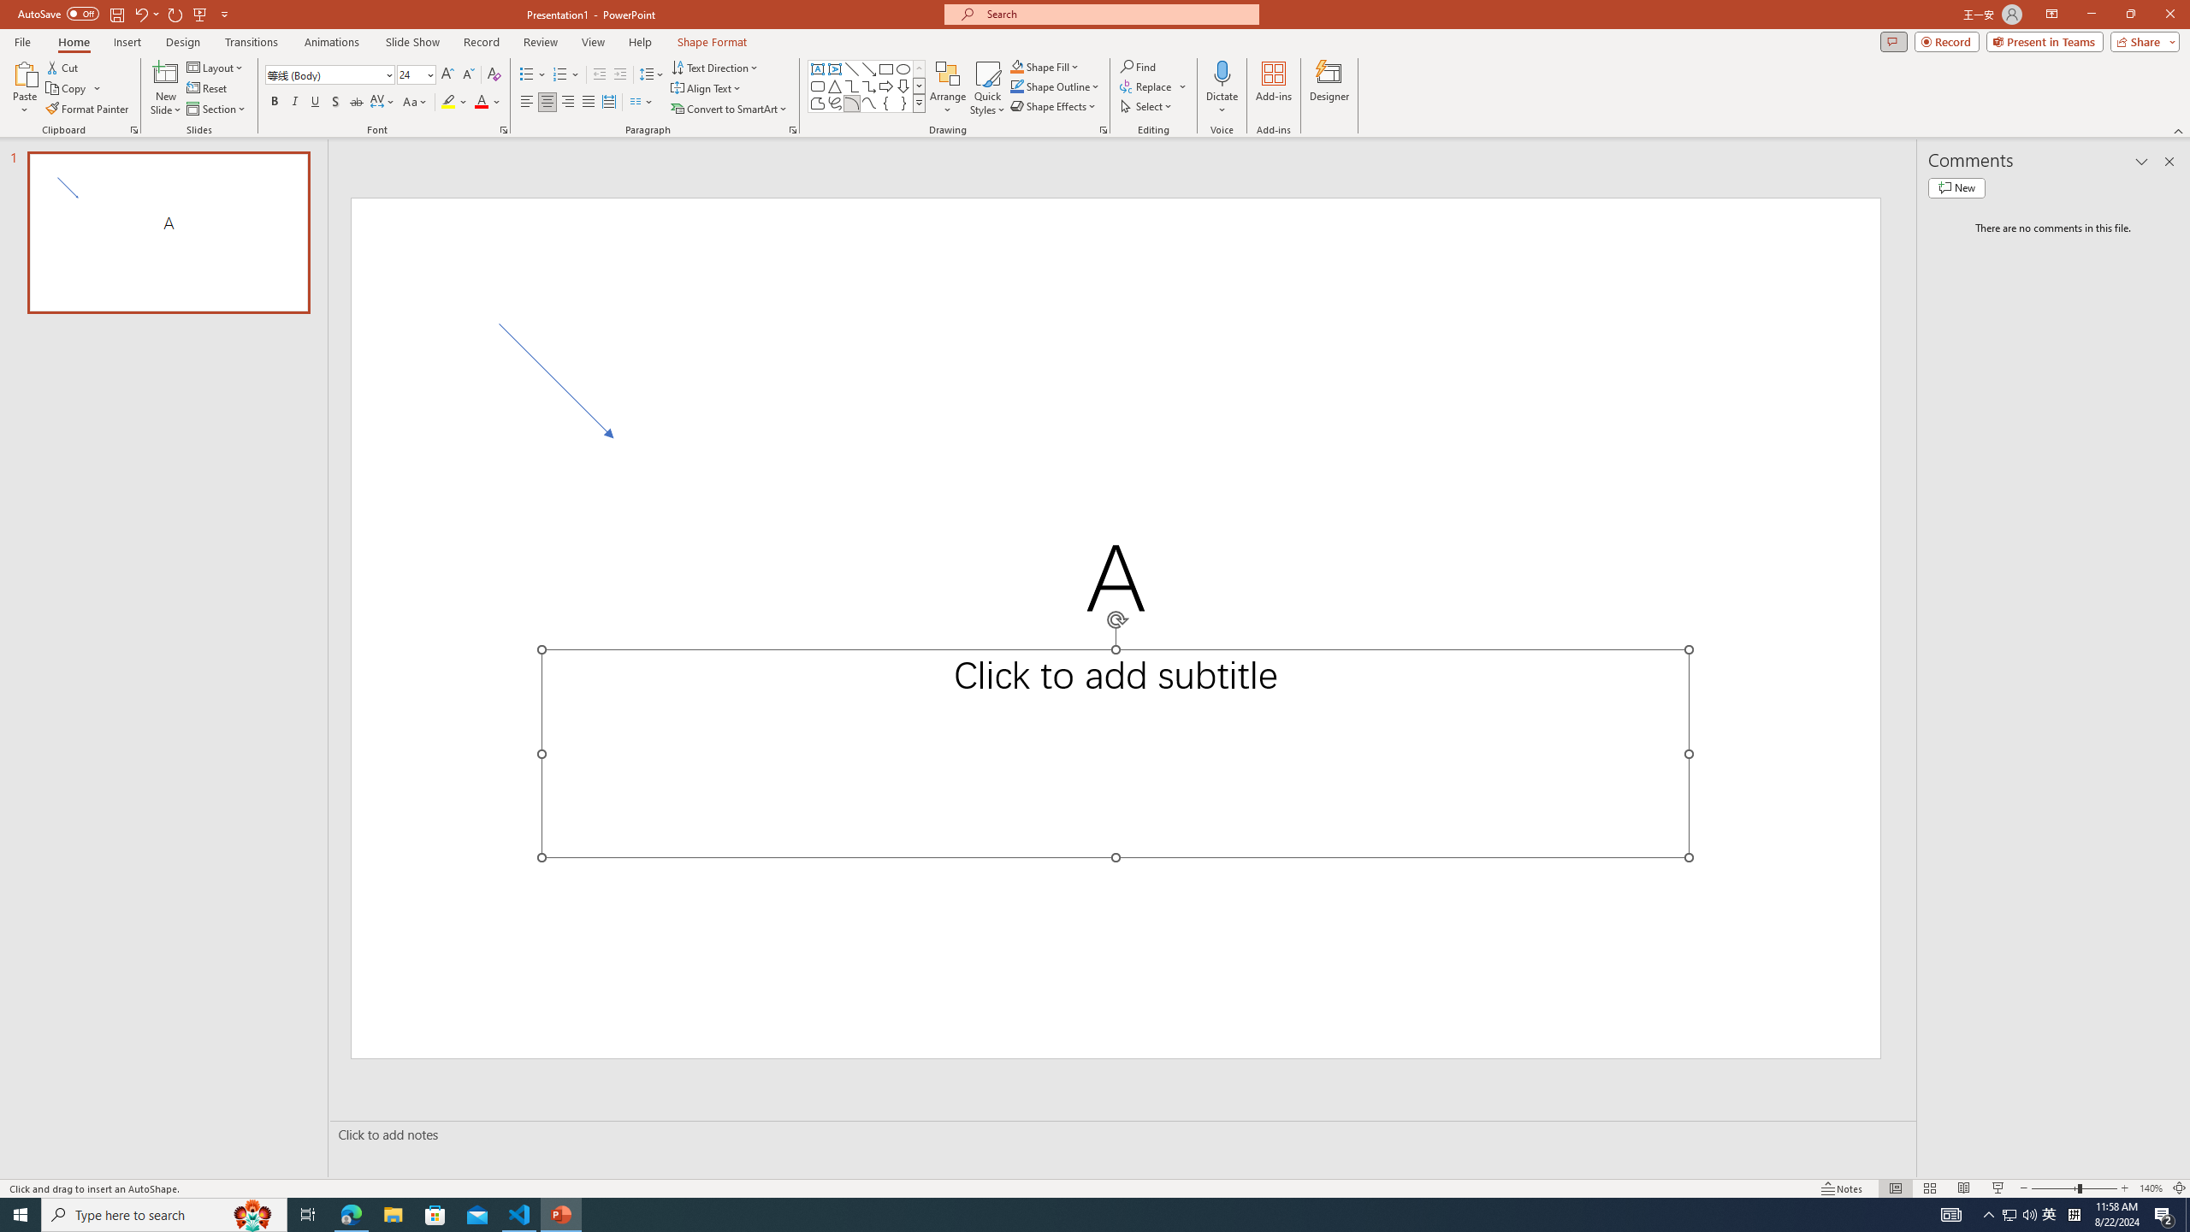 Image resolution: width=2190 pixels, height=1232 pixels. I want to click on 'Zoom 140%', so click(2152, 1188).